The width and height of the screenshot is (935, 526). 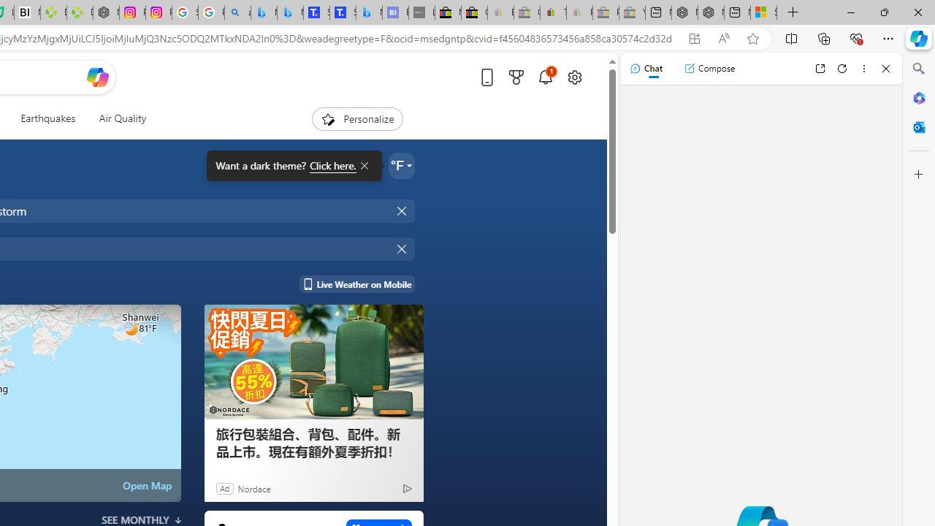 What do you see at coordinates (709, 68) in the screenshot?
I see `'Compose'` at bounding box center [709, 68].